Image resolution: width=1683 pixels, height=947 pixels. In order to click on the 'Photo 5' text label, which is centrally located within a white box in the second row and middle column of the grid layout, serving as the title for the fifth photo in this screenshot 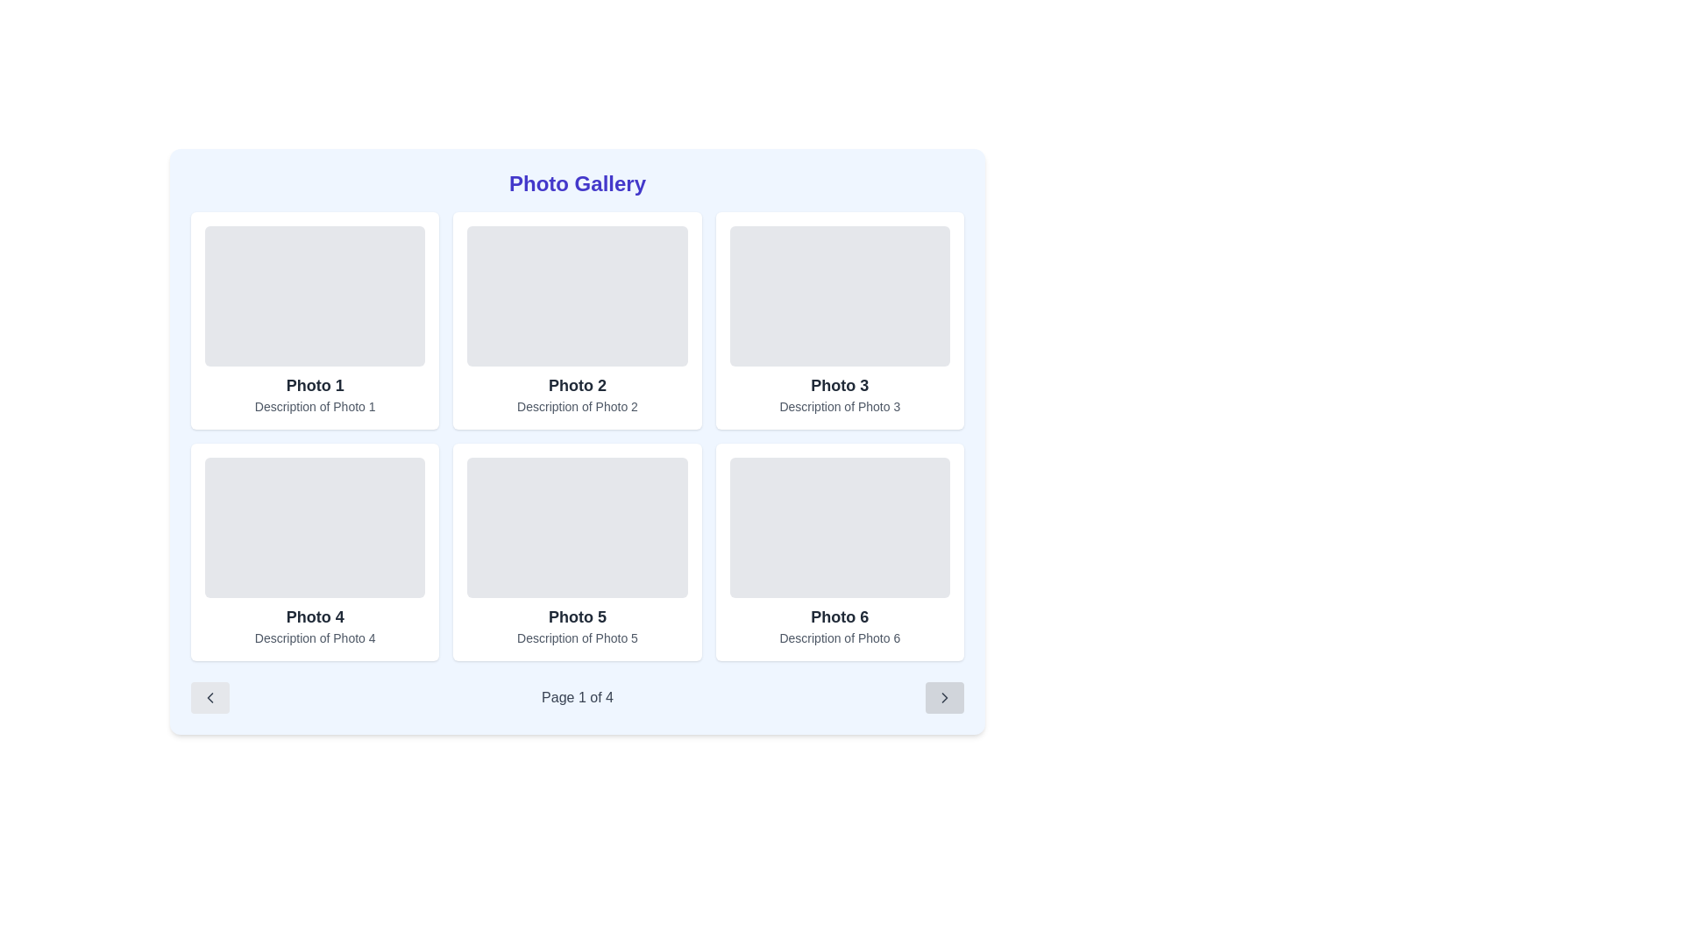, I will do `click(577, 616)`.